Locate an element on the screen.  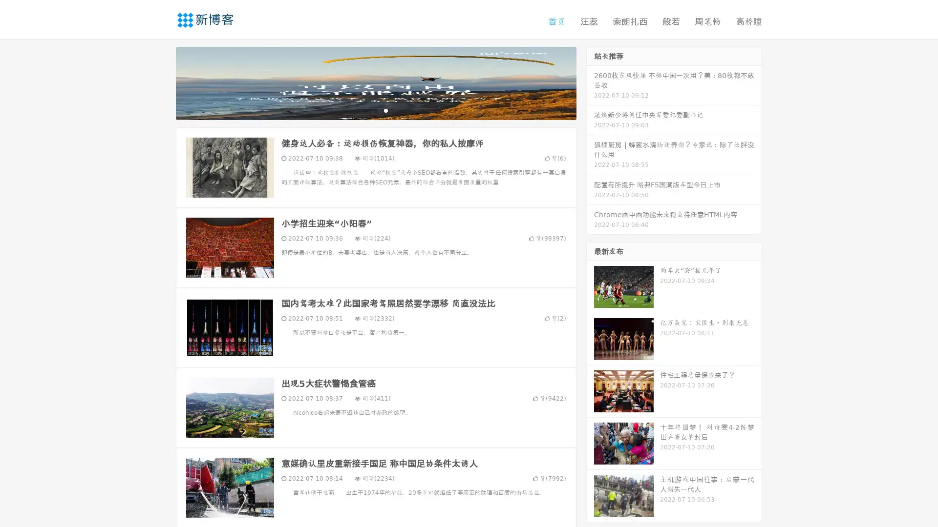
Go to slide 1 is located at coordinates (365, 110).